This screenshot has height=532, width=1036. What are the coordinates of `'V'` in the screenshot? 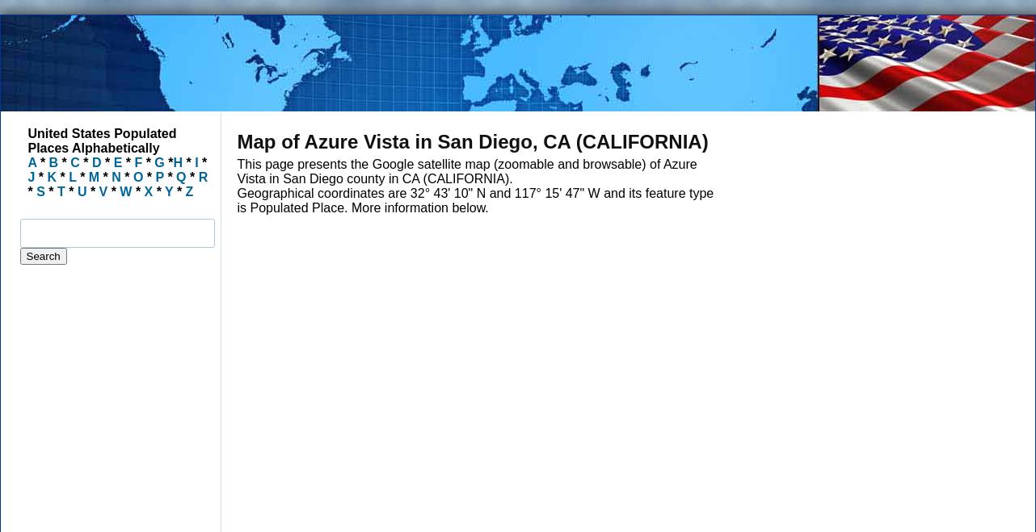 It's located at (102, 191).